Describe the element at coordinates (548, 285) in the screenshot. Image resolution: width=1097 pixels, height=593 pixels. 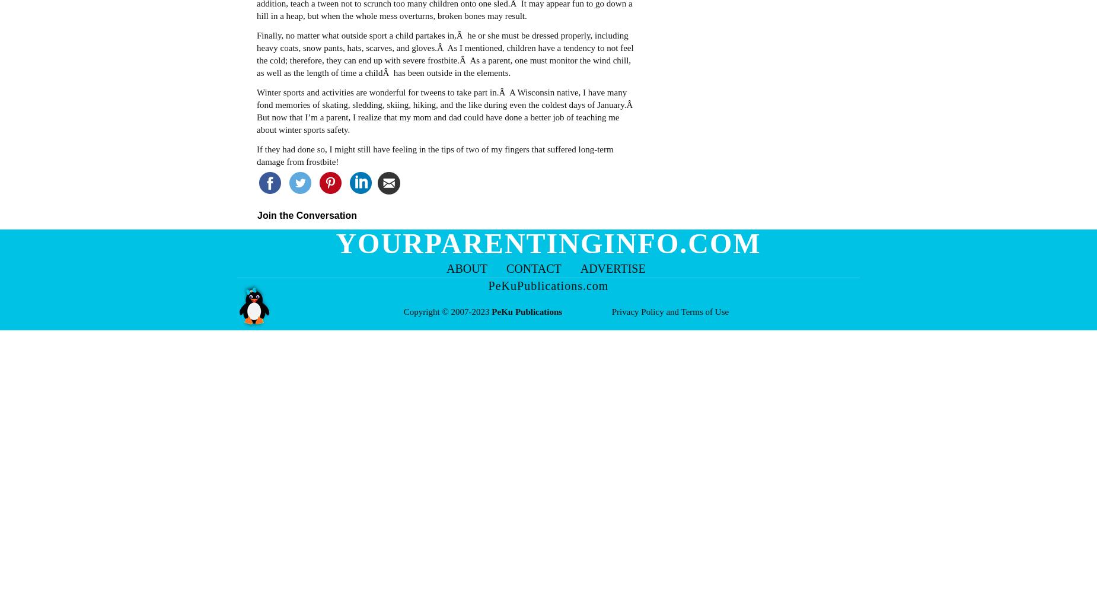
I see `'PeKuPublications.com'` at that location.